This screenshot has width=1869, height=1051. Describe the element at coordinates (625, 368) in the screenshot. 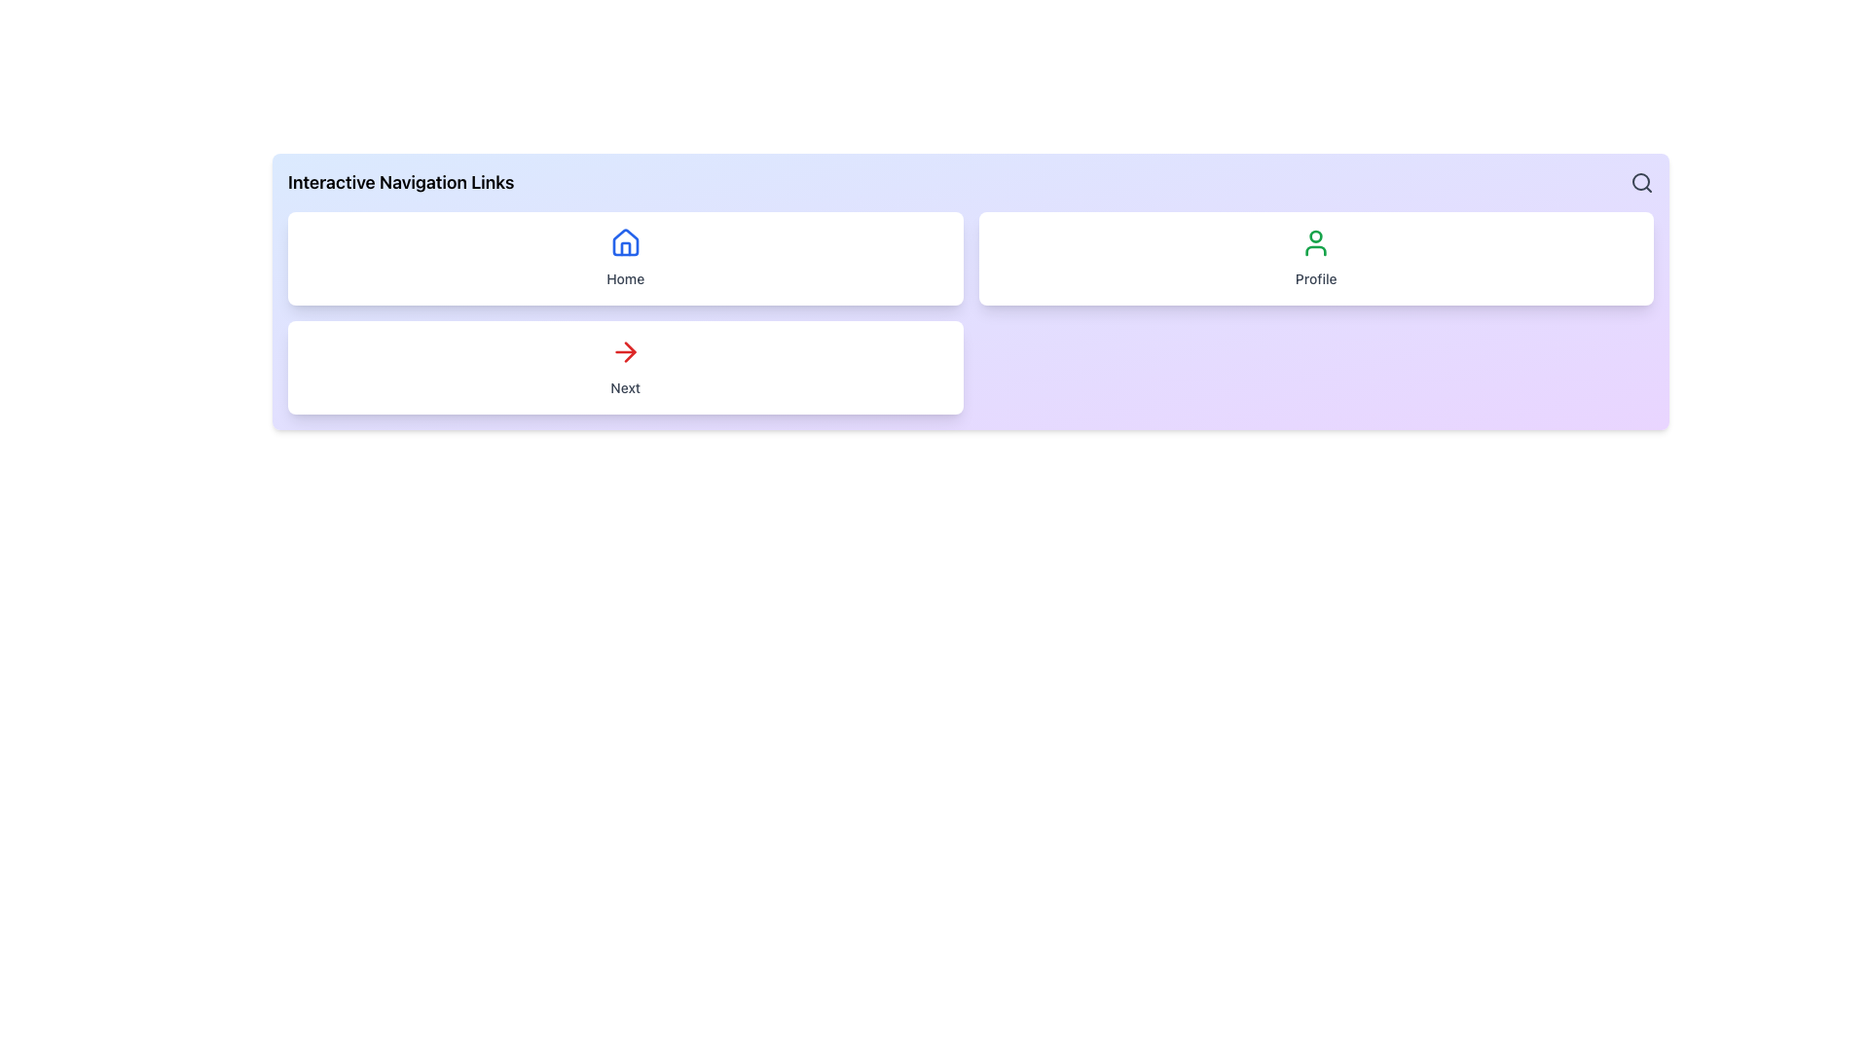

I see `the 'Next' navigation button located in the bottom-left corner of the grid layout, which is below the 'Home' section` at that location.